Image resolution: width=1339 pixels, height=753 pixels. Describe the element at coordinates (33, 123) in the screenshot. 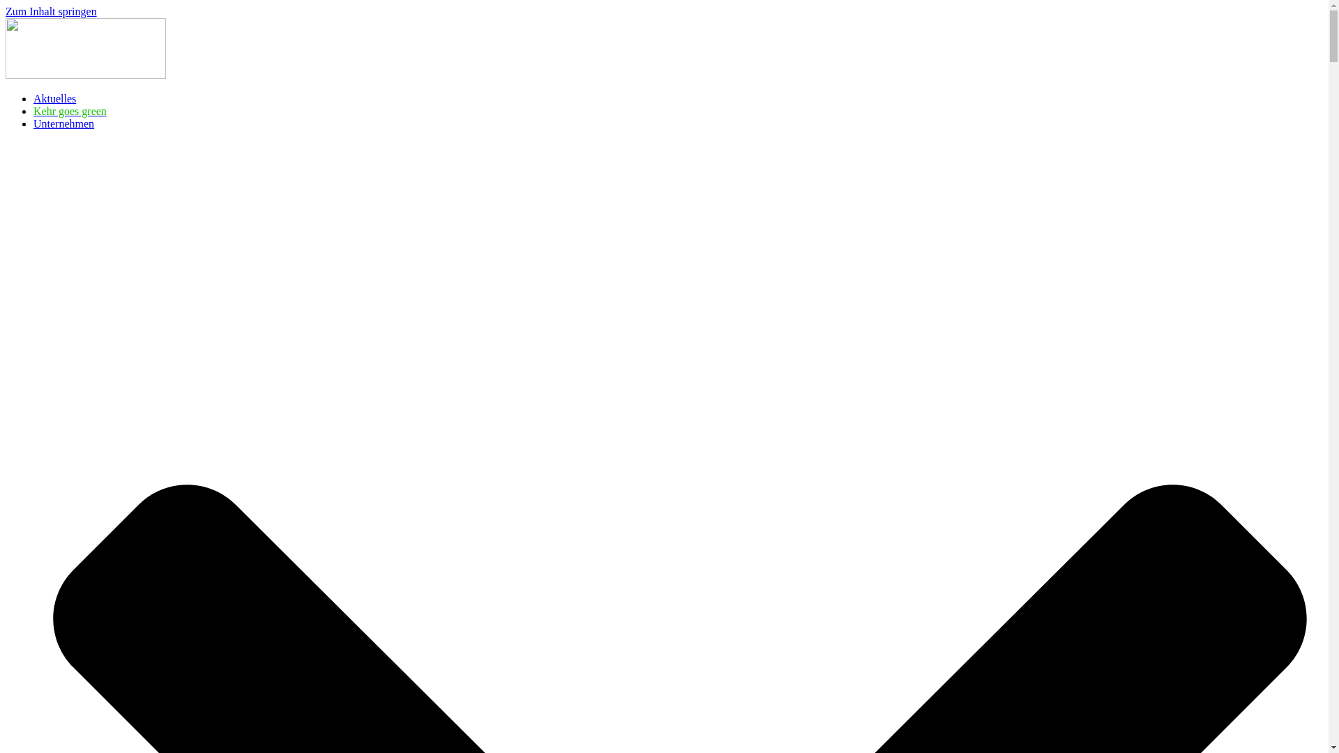

I see `'Unternehmen'` at that location.